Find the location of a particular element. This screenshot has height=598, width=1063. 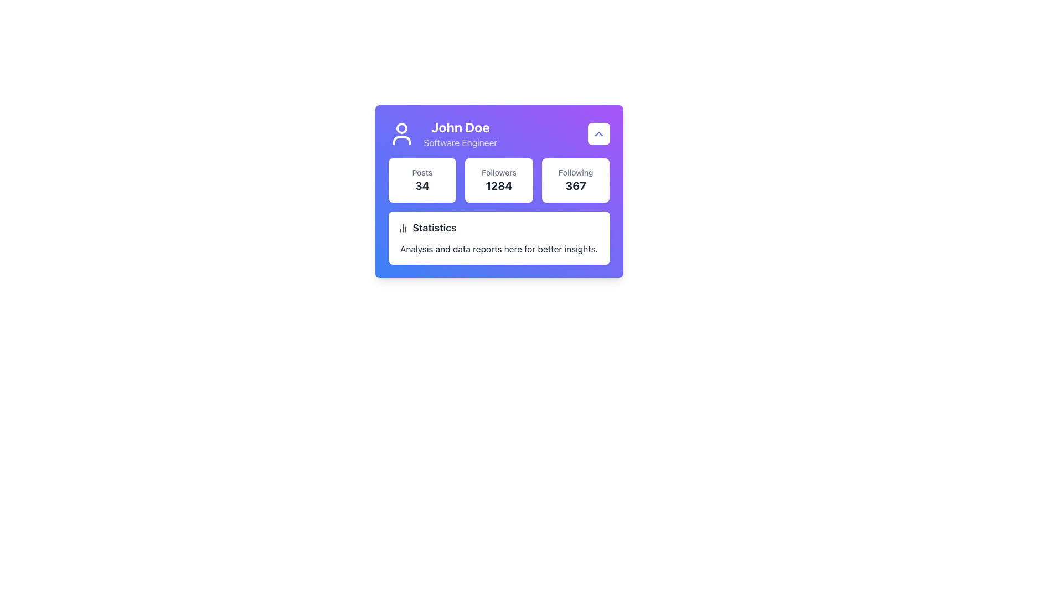

the Card Content Panel displaying the follower count, located centrally in the profile card layout between 'Posts' and 'Following' is located at coordinates (498, 180).